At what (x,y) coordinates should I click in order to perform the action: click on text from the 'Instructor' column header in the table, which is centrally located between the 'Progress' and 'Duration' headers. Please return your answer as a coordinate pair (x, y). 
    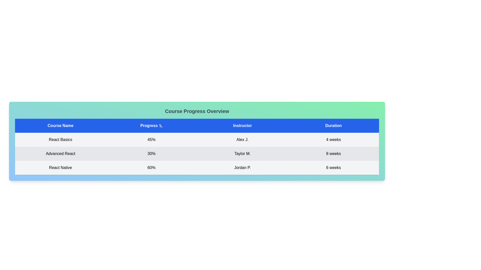
    Looking at the image, I should click on (243, 125).